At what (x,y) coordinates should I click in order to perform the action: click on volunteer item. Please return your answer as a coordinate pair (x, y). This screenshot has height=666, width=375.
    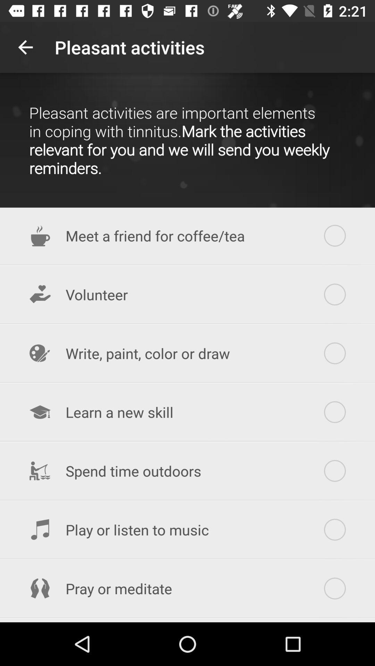
    Looking at the image, I should click on (187, 294).